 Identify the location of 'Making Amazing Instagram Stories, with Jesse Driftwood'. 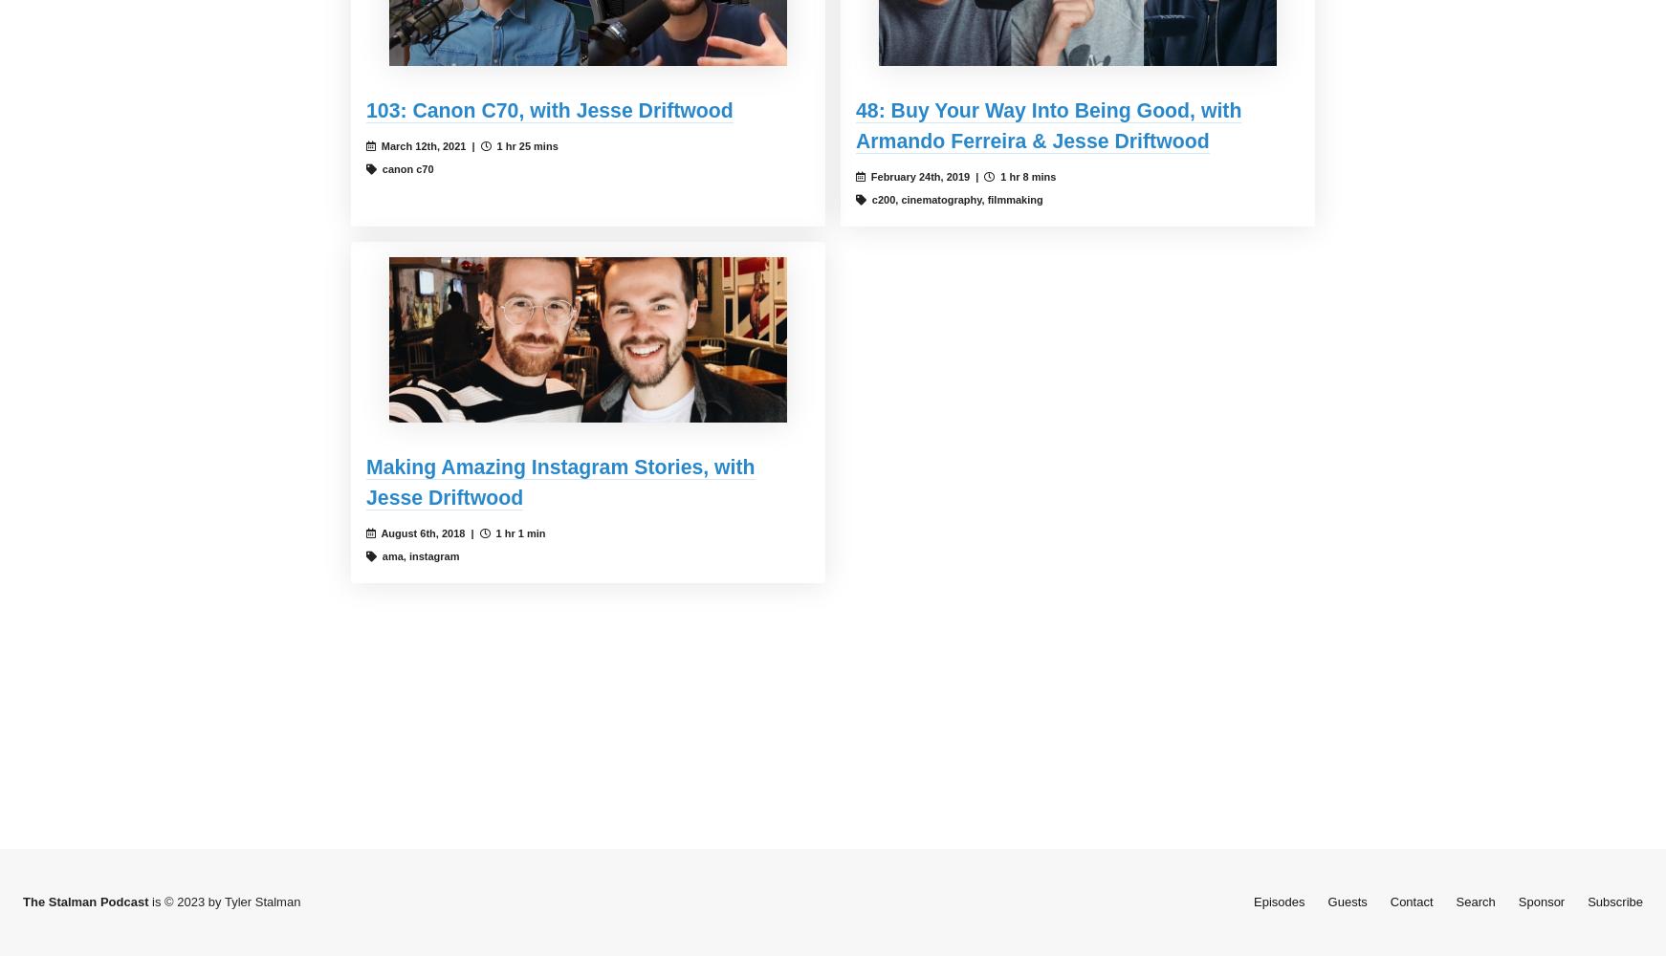
(365, 483).